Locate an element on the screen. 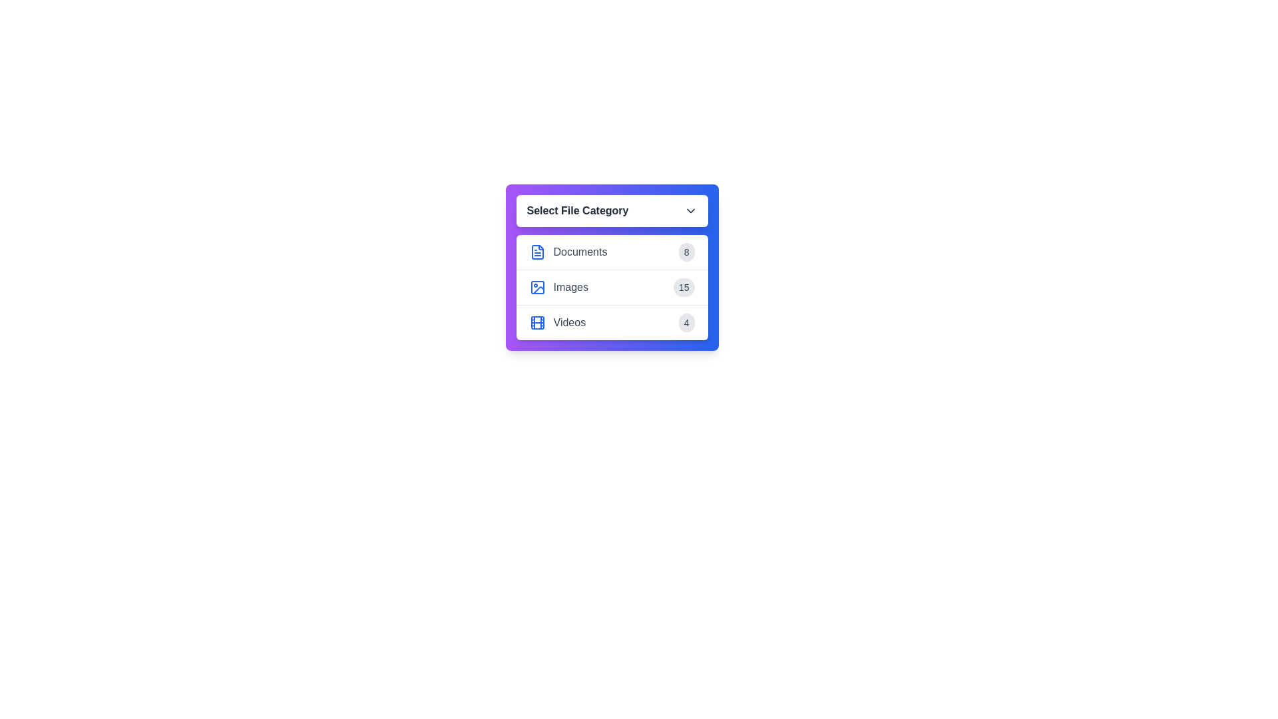  the 'Select File Category' dropdown button is located at coordinates (611, 210).